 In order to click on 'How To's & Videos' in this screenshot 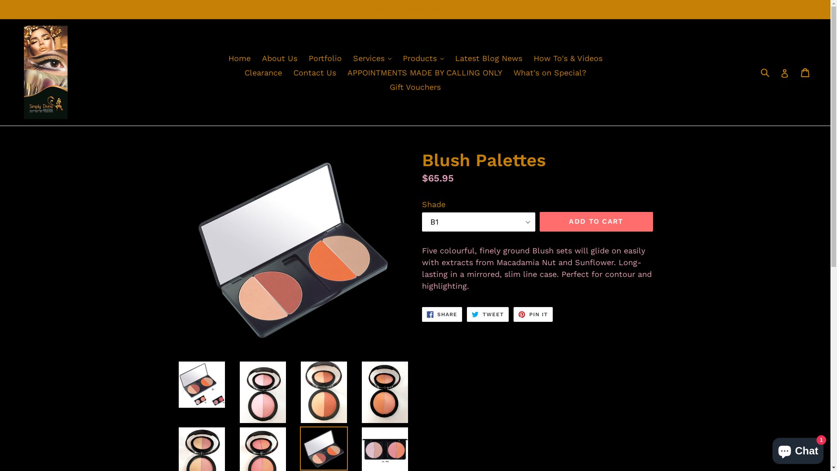, I will do `click(568, 58)`.